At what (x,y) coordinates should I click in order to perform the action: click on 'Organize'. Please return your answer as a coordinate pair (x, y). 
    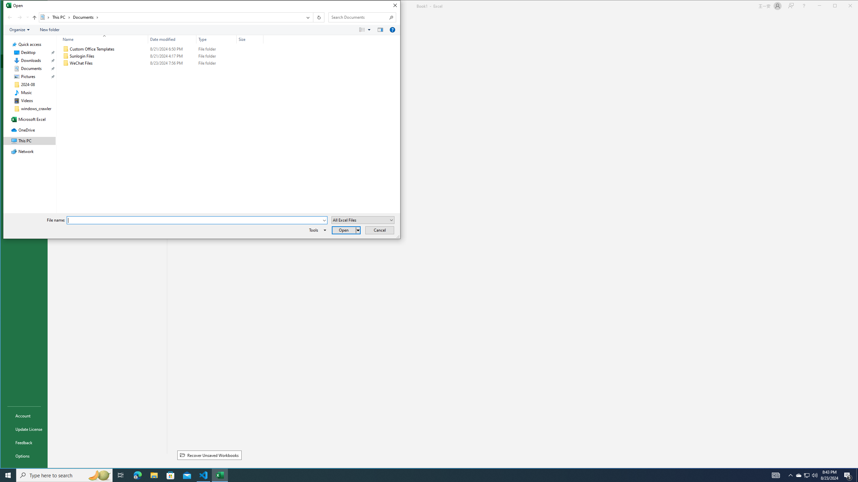
    Looking at the image, I should click on (19, 29).